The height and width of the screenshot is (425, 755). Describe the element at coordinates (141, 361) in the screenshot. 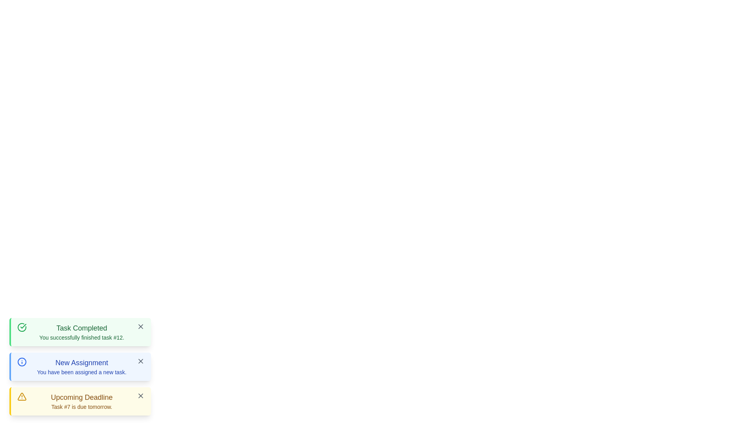

I see `the dismiss button located at the top-right corner of the 'New Assignment' notification` at that location.